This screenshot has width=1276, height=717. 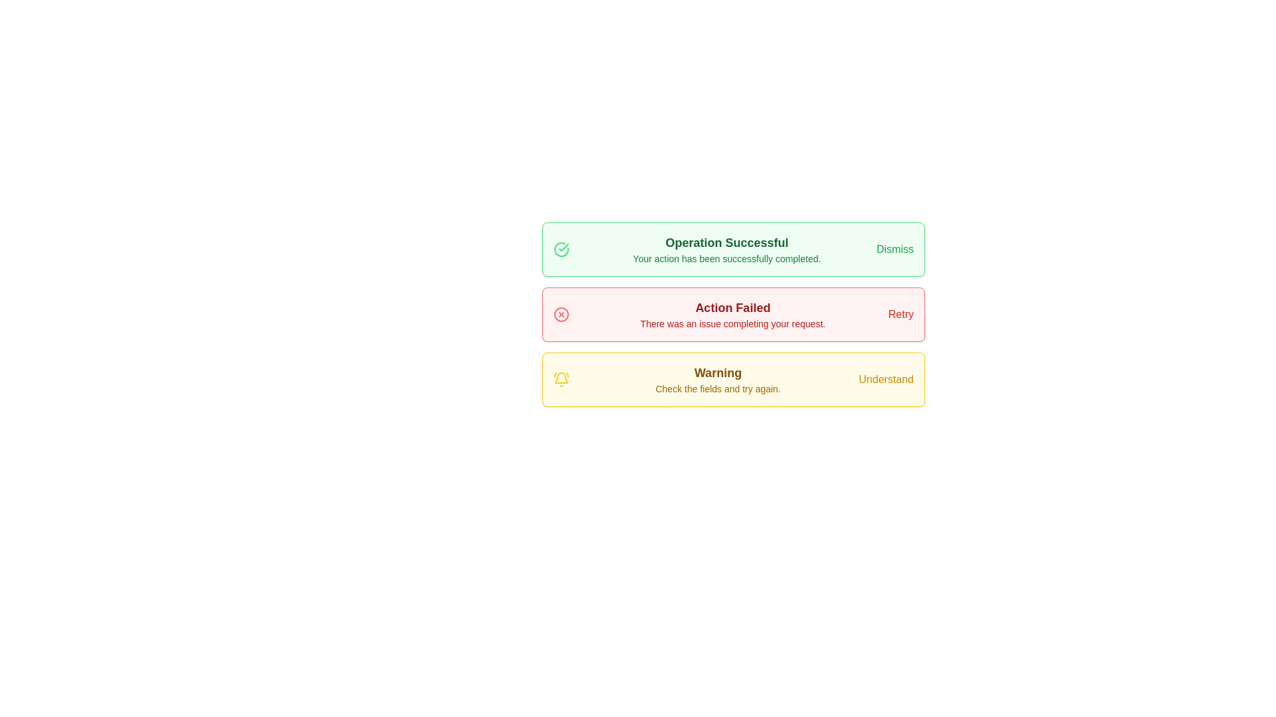 I want to click on message text that informs the user about specific issues and encourages them to verify input fields, located below the 'Warning' header and within the yellow background notification group, so click(x=717, y=388).